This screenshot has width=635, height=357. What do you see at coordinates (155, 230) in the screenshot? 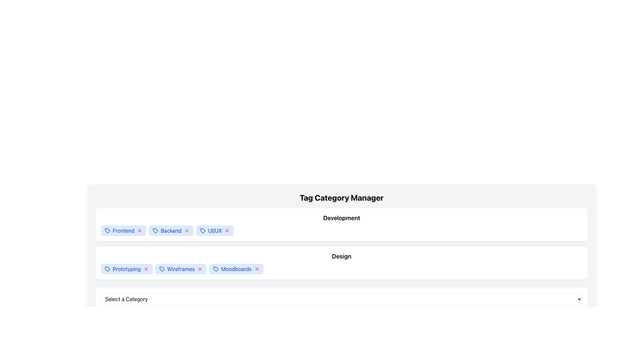
I see `the 'This is a tag' icon, which resembles a geometric tag with a hole and is part of the 'Backend' tag under the 'Development' section` at bounding box center [155, 230].